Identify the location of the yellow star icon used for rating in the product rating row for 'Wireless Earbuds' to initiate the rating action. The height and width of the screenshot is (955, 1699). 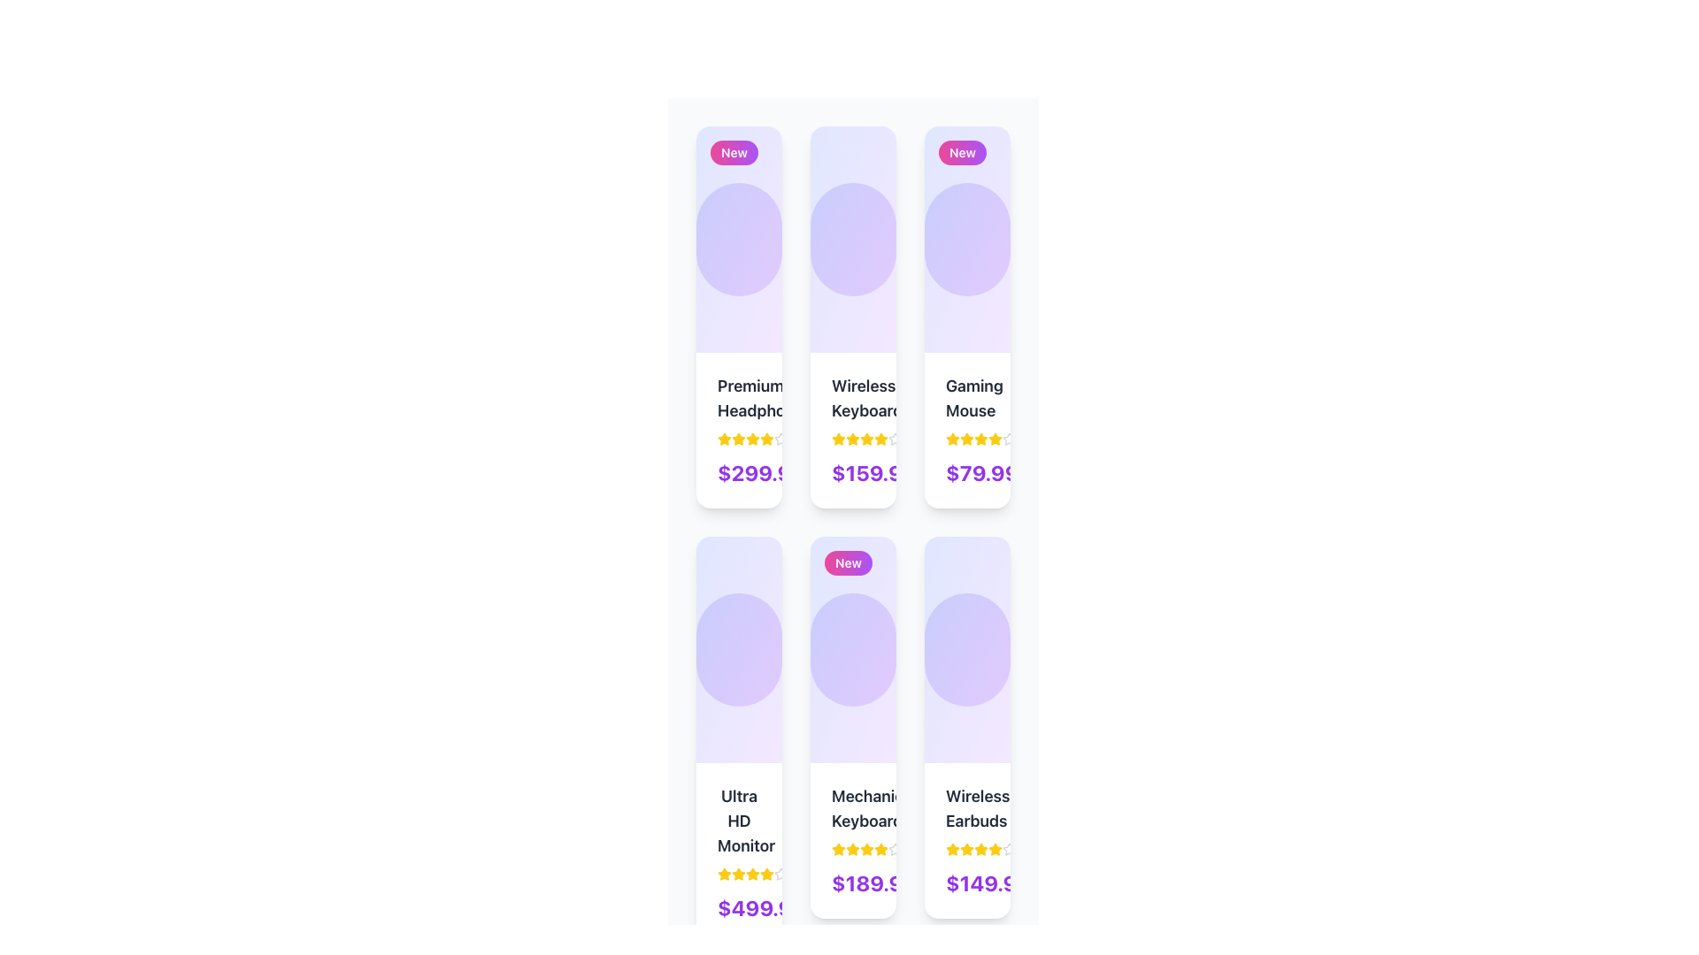
(951, 848).